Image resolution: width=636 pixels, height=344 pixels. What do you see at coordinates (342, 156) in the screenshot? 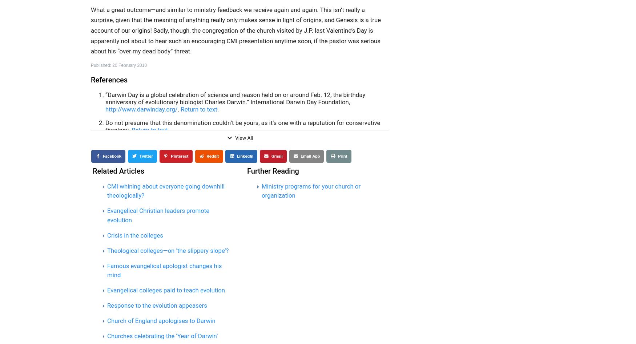
I see `'Print'` at bounding box center [342, 156].